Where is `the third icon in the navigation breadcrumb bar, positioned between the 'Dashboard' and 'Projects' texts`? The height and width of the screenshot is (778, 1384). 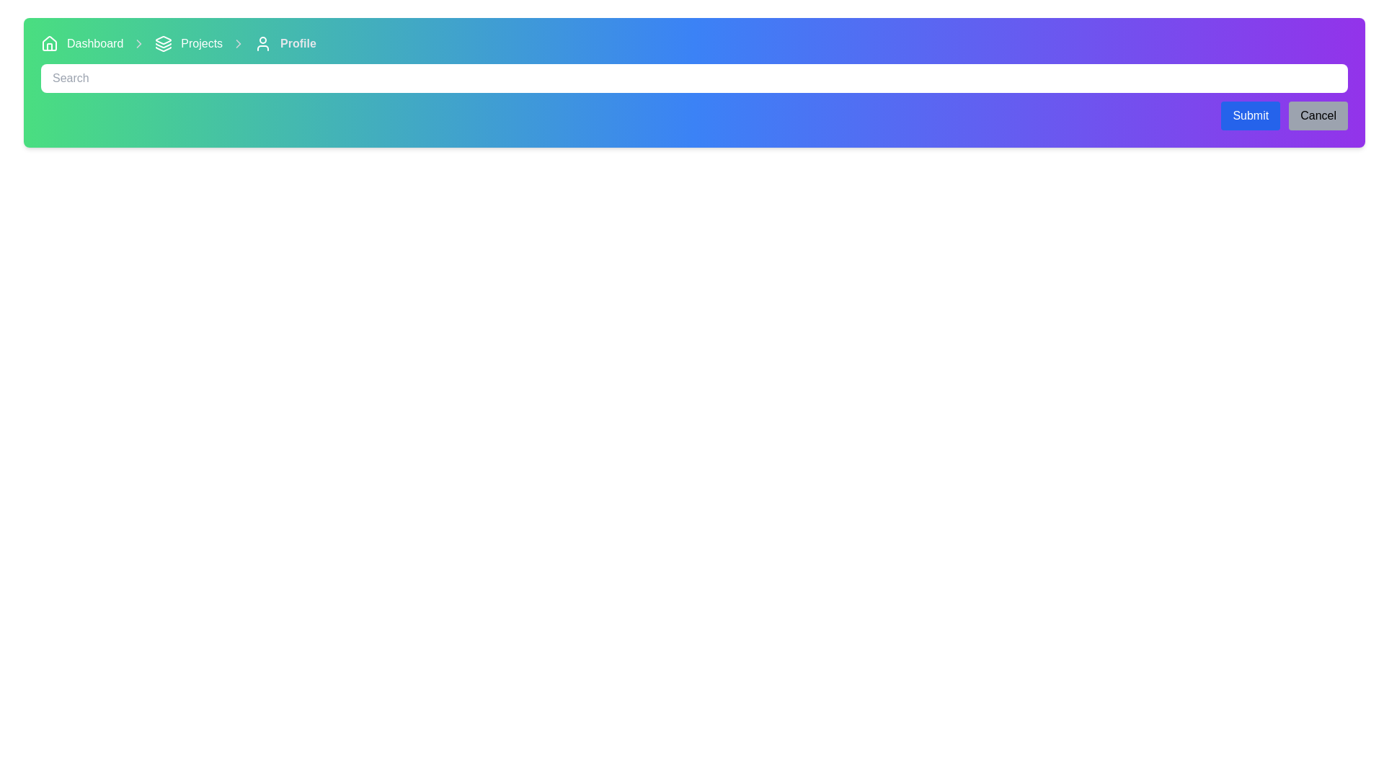
the third icon in the navigation breadcrumb bar, positioned between the 'Dashboard' and 'Projects' texts is located at coordinates (164, 43).